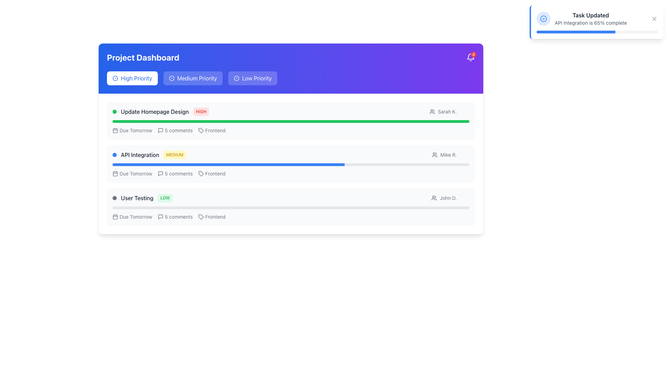 The height and width of the screenshot is (376, 669). What do you see at coordinates (179, 130) in the screenshot?
I see `the text label that reads '5 comments', which is styled in a standard sans-serif font and is light gray in color, located in the 'Update Homepage Design' row, next to the 'Due Tomorrow' text and the 'Frontend' tag` at bounding box center [179, 130].